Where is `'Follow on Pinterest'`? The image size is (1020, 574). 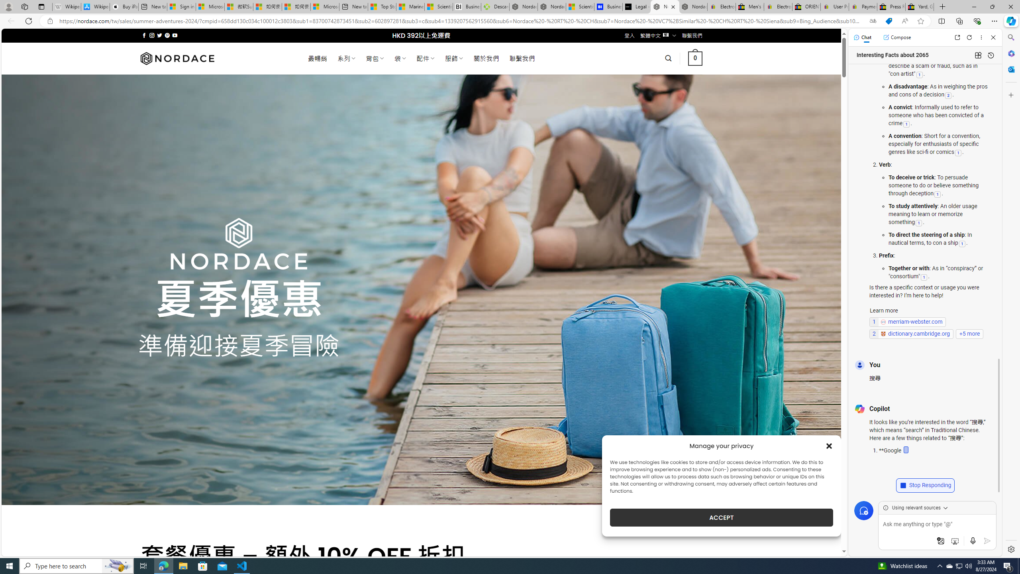
'Follow on Pinterest' is located at coordinates (166, 35).